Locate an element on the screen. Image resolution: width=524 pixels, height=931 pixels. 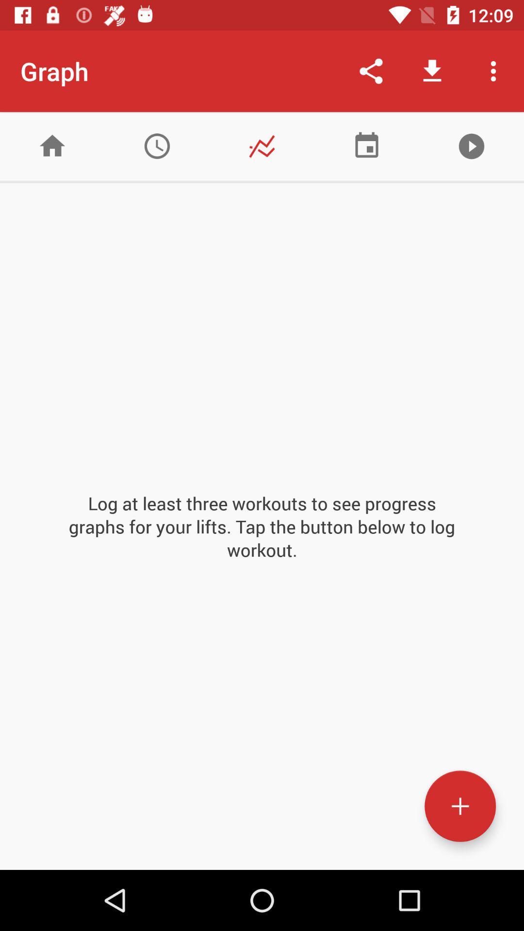
gym workout planner is located at coordinates (367, 145).